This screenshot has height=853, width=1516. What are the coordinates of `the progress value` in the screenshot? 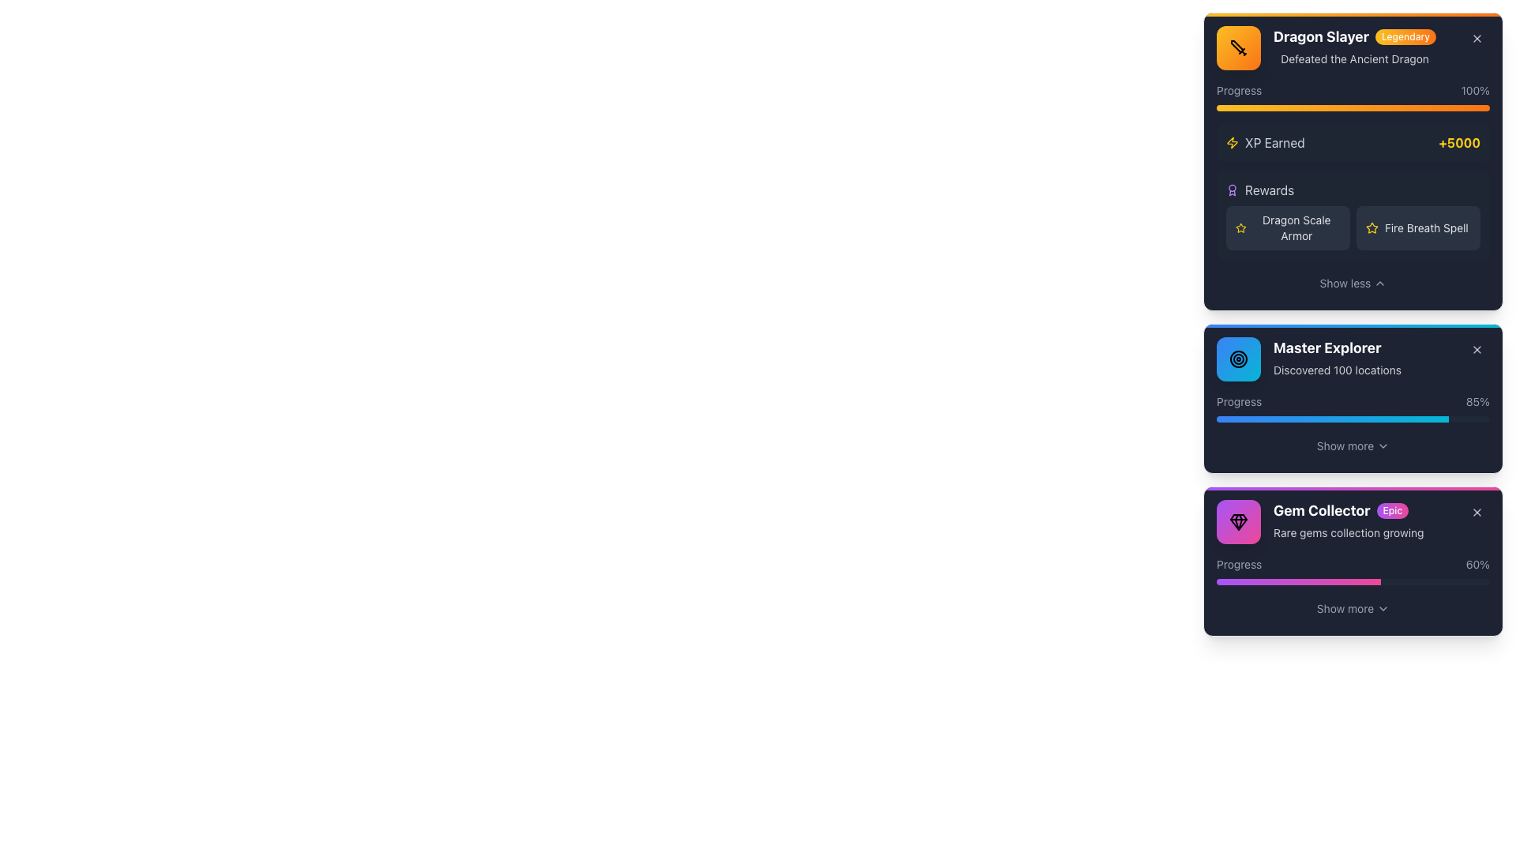 It's located at (1261, 581).